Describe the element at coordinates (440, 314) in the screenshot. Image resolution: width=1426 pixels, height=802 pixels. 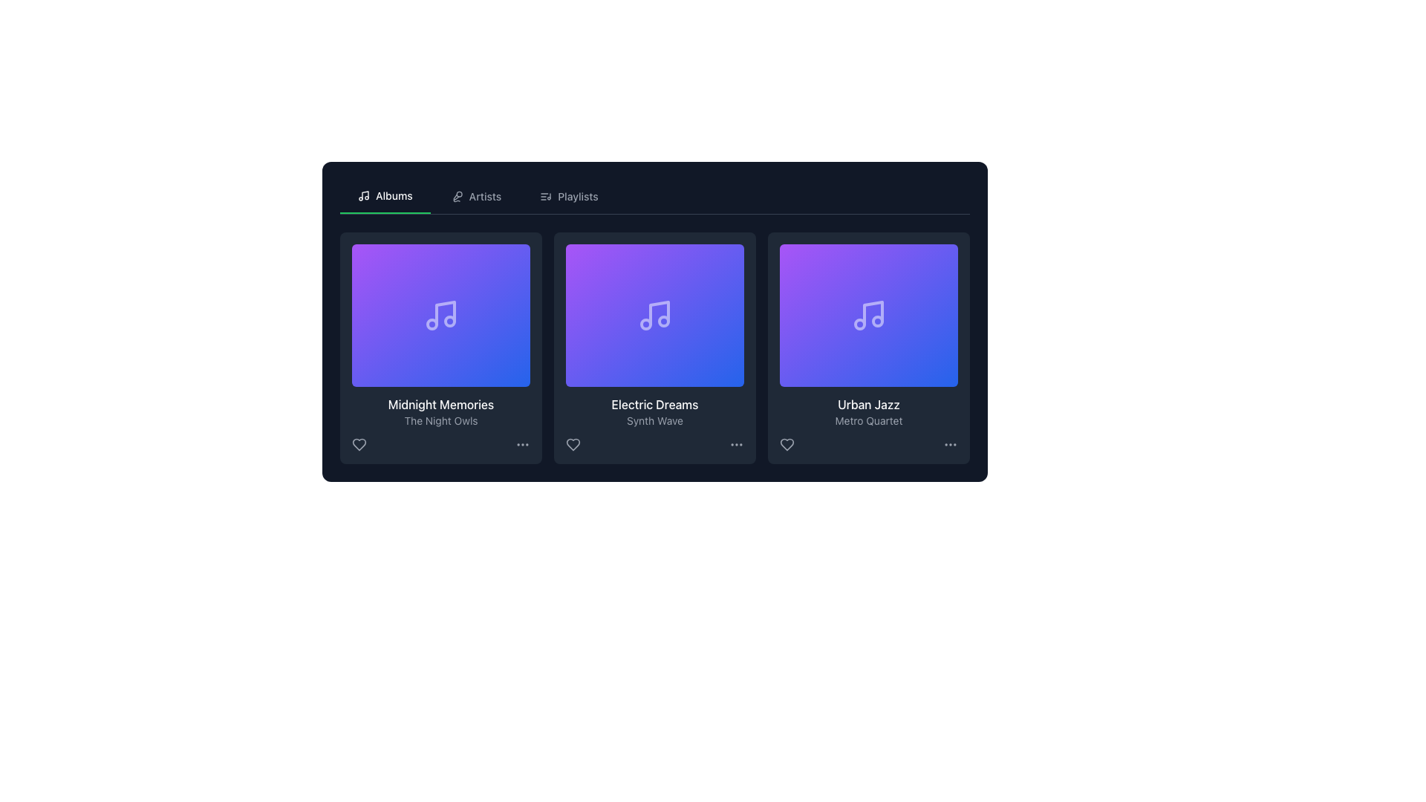
I see `the music album icon located at the center of the first album card in the horizontal list` at that location.